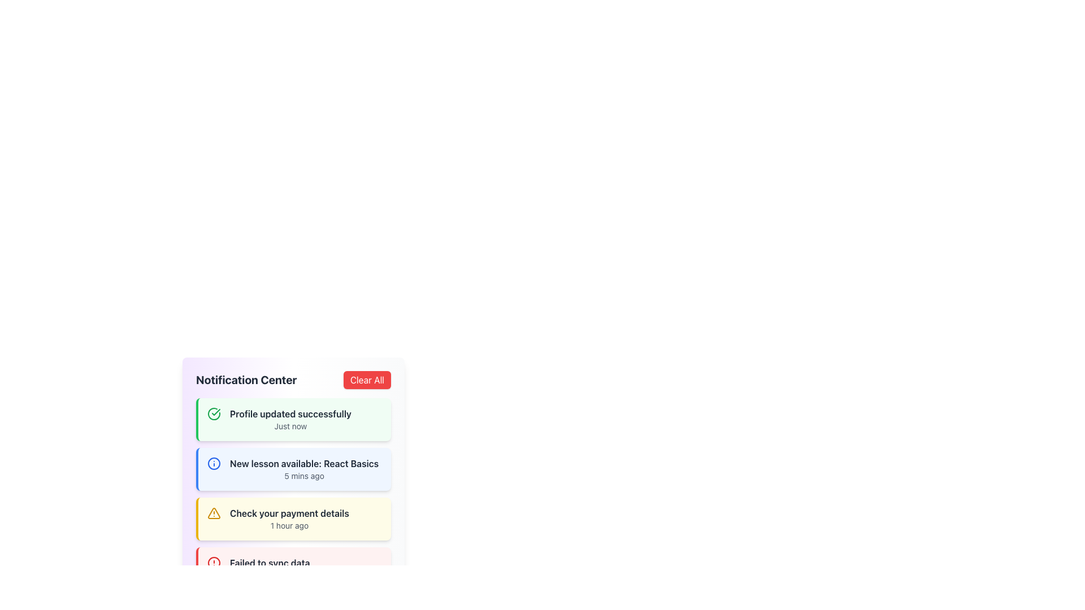 Image resolution: width=1085 pixels, height=610 pixels. Describe the element at coordinates (304, 469) in the screenshot. I see `the second notification card in the Notification Center that summarizes the new lesson 'React Basics' for more details` at that location.